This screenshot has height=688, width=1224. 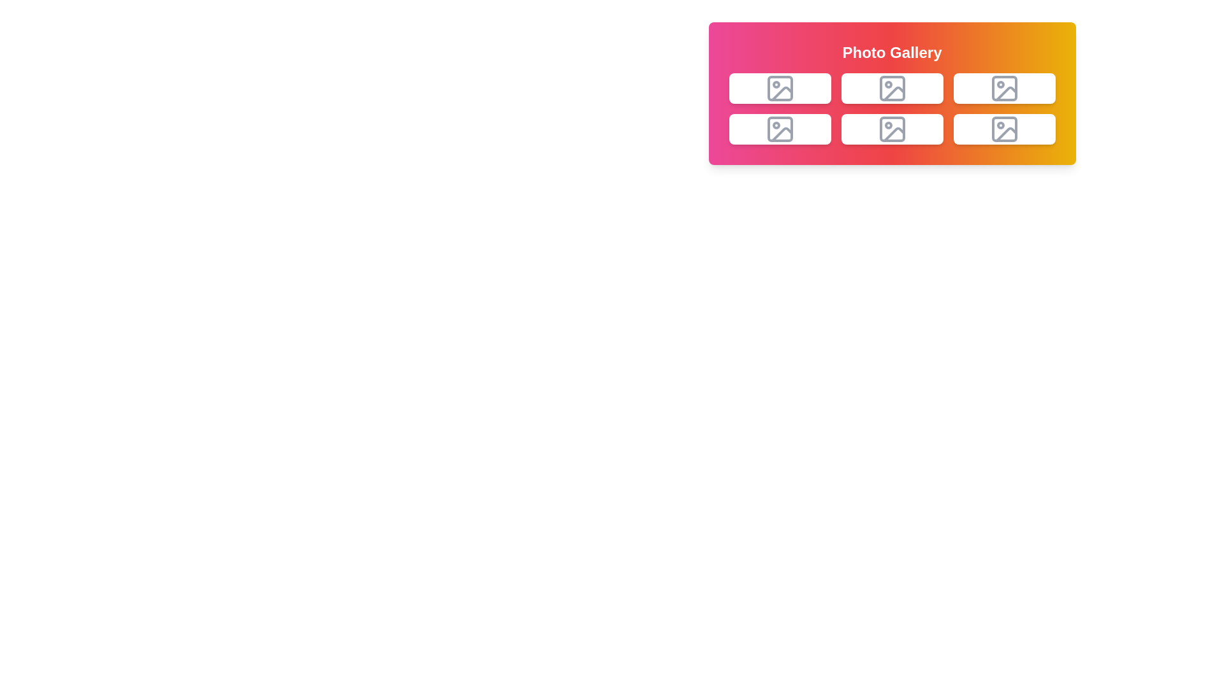 What do you see at coordinates (1021, 87) in the screenshot?
I see `the small circular button with a red heart icon located at the top-right corner of the grid within the 'Photo Gallery' section to like the item` at bounding box center [1021, 87].